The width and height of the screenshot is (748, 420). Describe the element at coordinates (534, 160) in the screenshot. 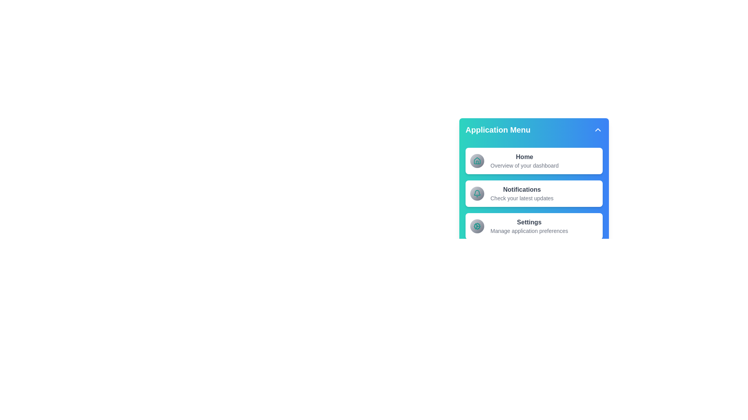

I see `the menu item Home to navigate to its respective section` at that location.